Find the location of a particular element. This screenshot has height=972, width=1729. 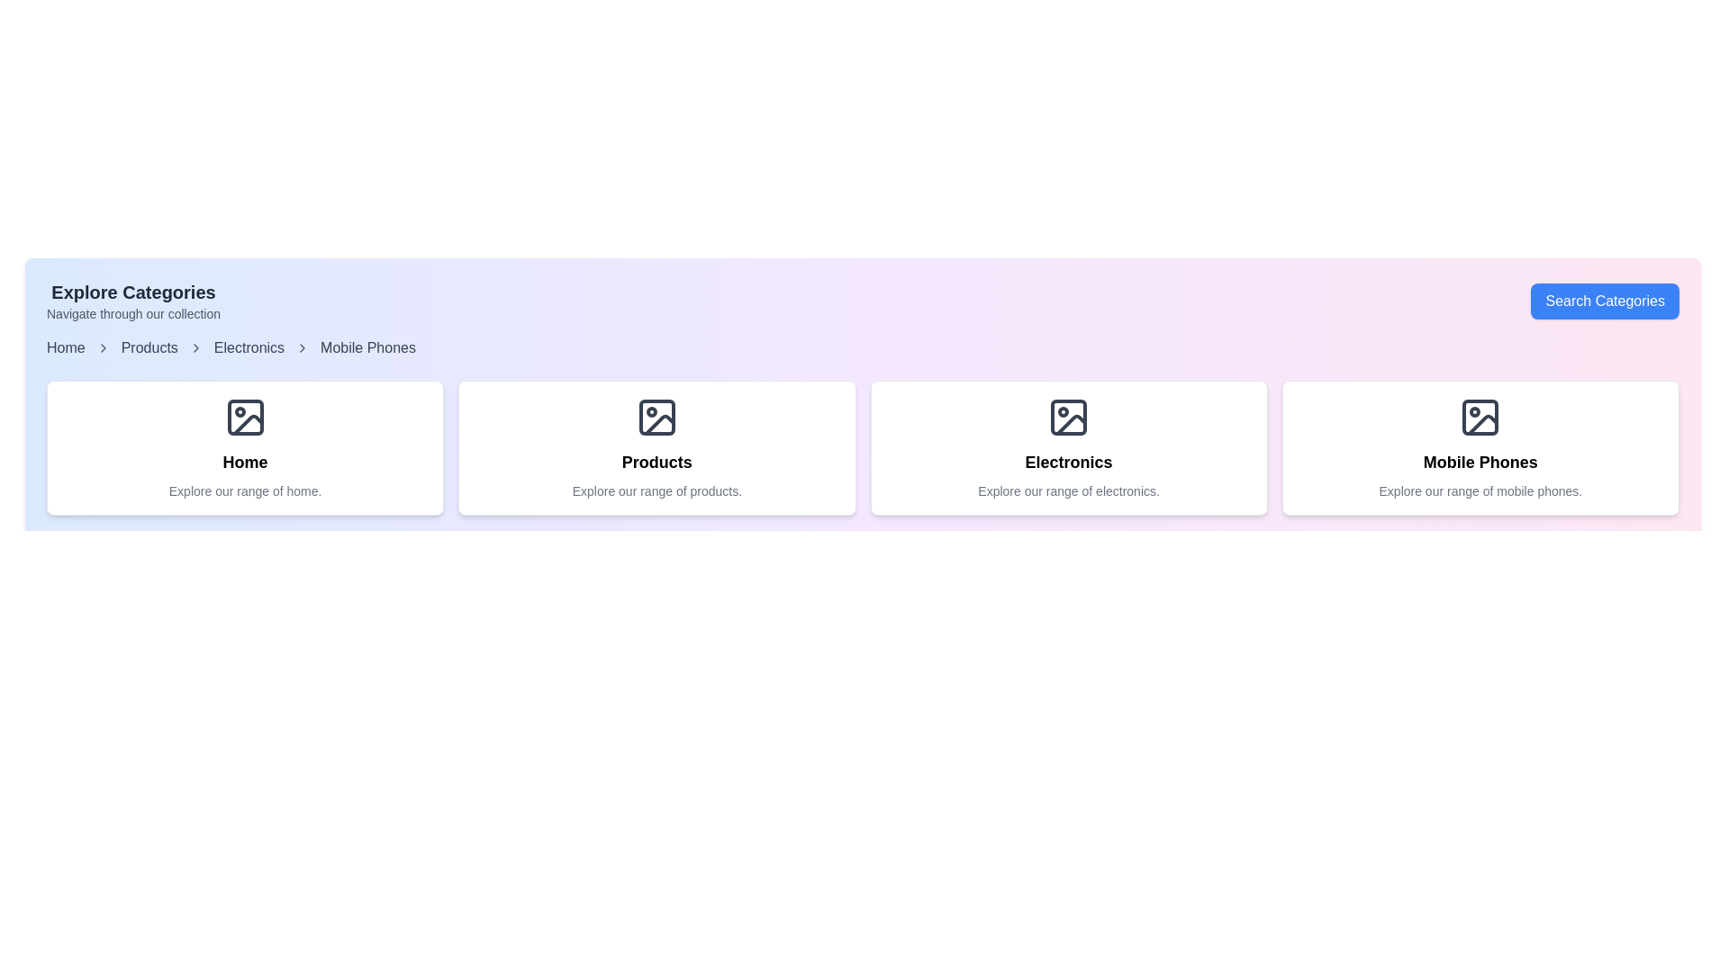

the 'Electronics' clickable link located in the breadcrumb navigation bar, positioned between 'Products' and 'Mobile Phones' is located at coordinates (248, 347).